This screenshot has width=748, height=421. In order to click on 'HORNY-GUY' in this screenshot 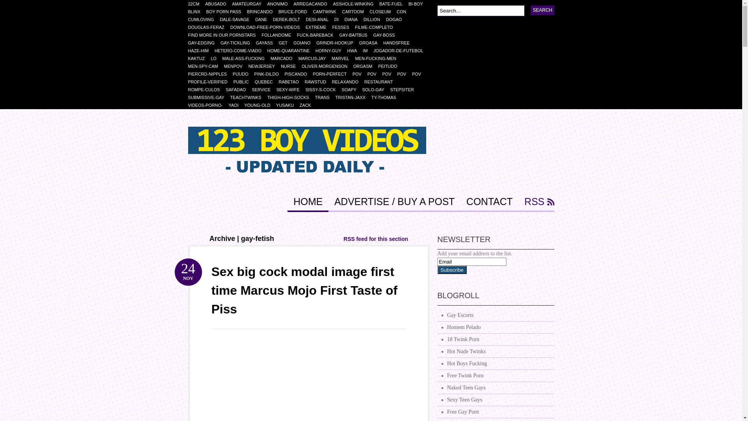, I will do `click(331, 51)`.